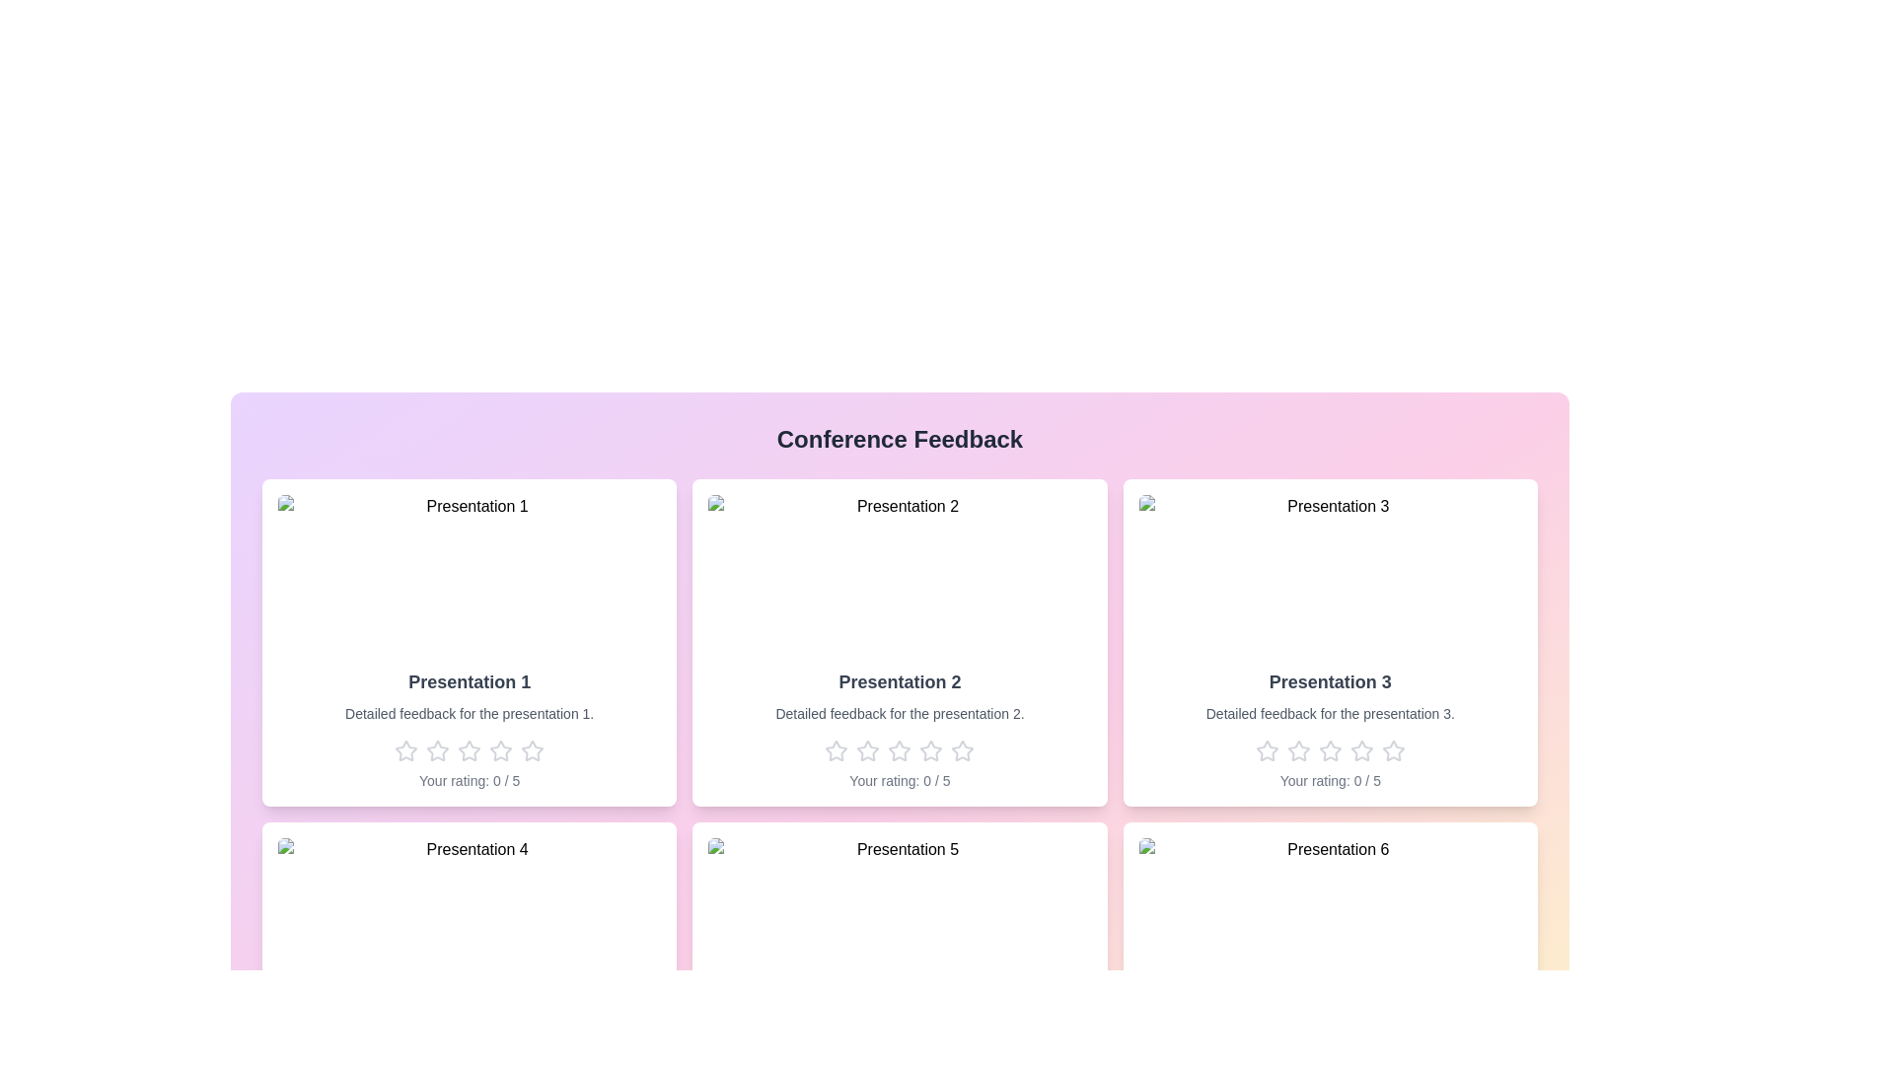 This screenshot has height=1065, width=1894. Describe the element at coordinates (468, 714) in the screenshot. I see `the feedback description of a presentation to read it` at that location.